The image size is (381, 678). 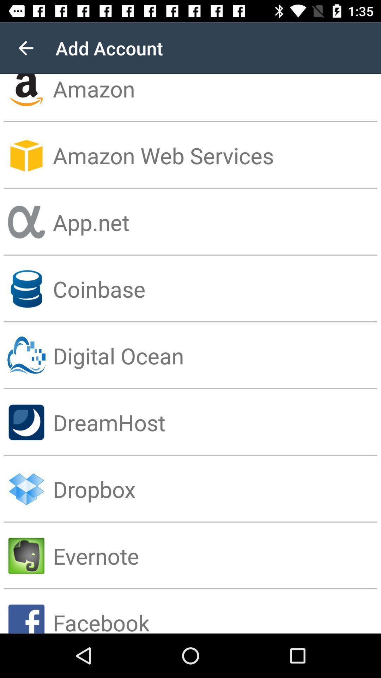 I want to click on the facebook item, so click(x=216, y=611).